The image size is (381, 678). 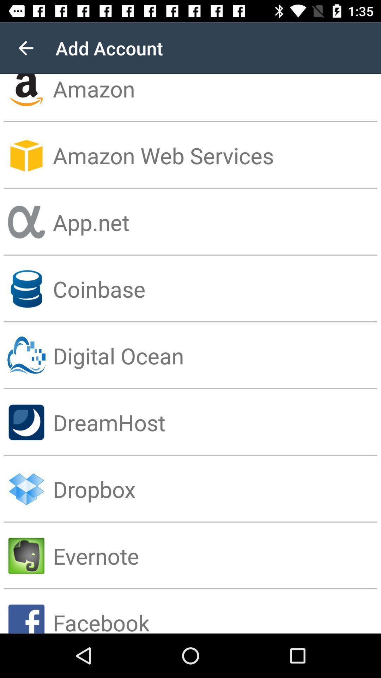 I want to click on the facebook item, so click(x=216, y=611).